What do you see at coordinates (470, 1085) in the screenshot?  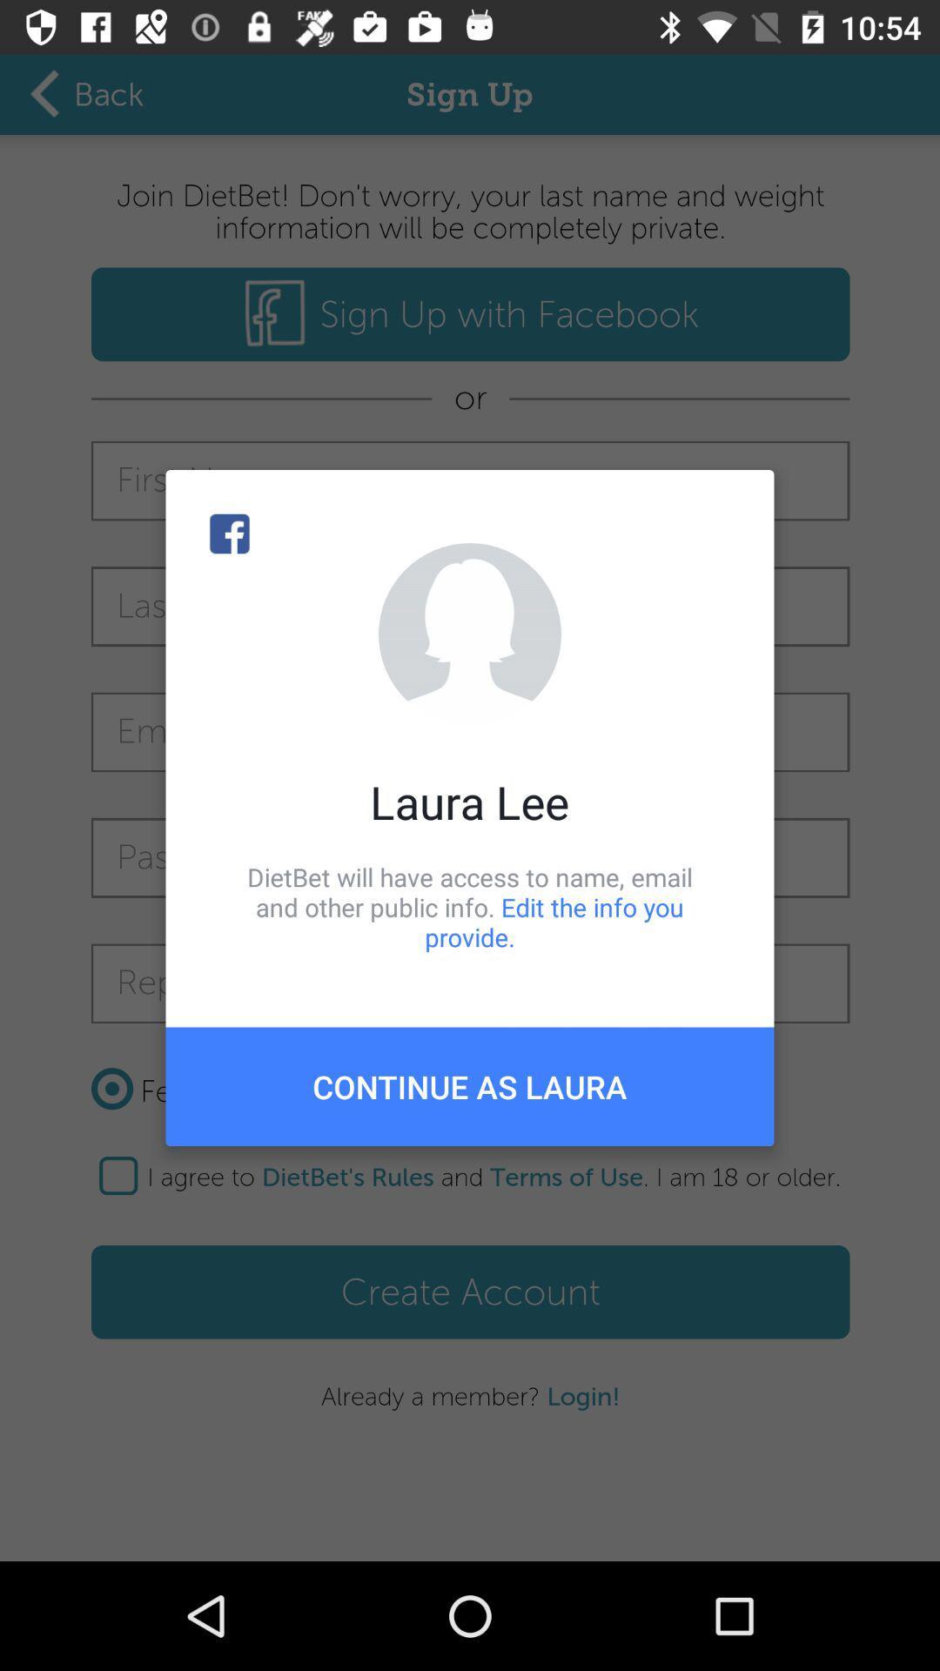 I see `the continue as laura` at bounding box center [470, 1085].